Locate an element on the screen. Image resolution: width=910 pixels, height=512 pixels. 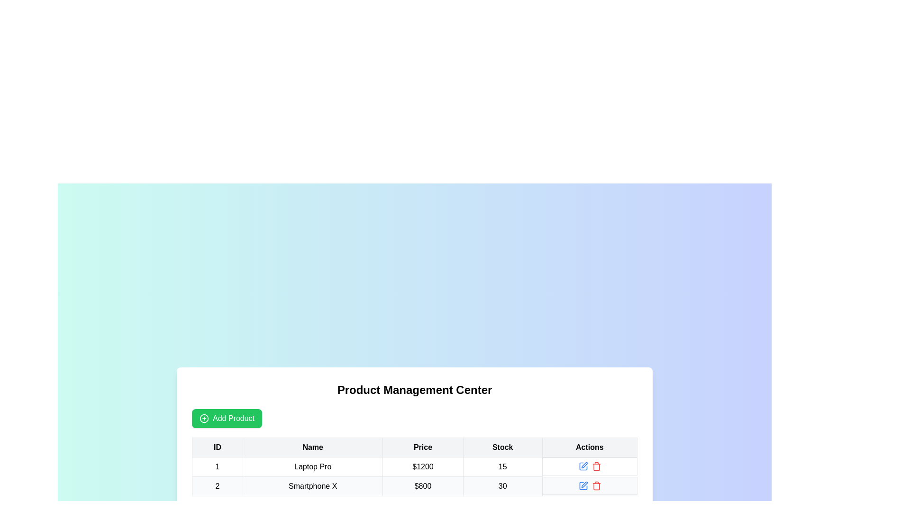
the second row of the table containing the values '2', 'Smartphone X', '$800', '30', and action buttons by clicking on one of its cells is located at coordinates (414, 486).